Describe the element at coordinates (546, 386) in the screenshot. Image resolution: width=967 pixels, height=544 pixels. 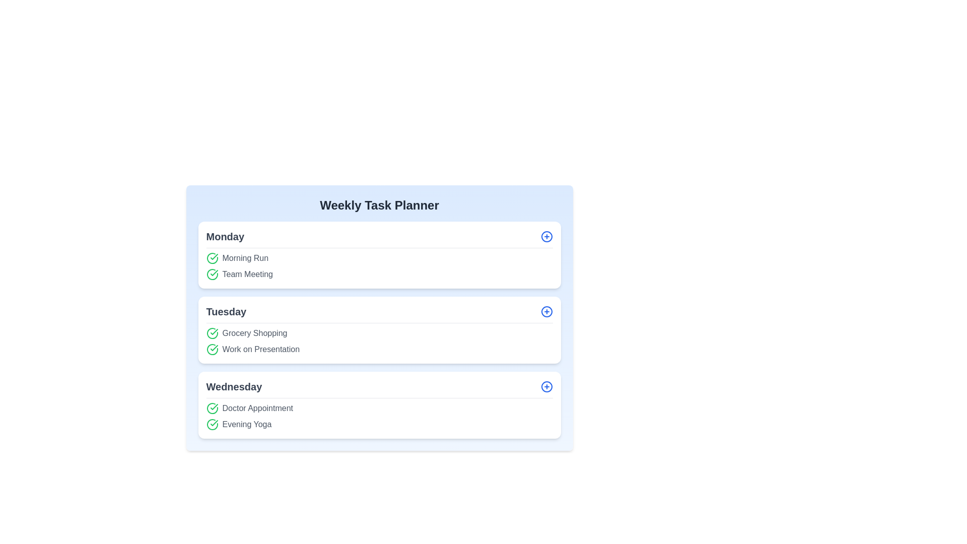
I see `the 'Add Task' button for Wednesday` at that location.